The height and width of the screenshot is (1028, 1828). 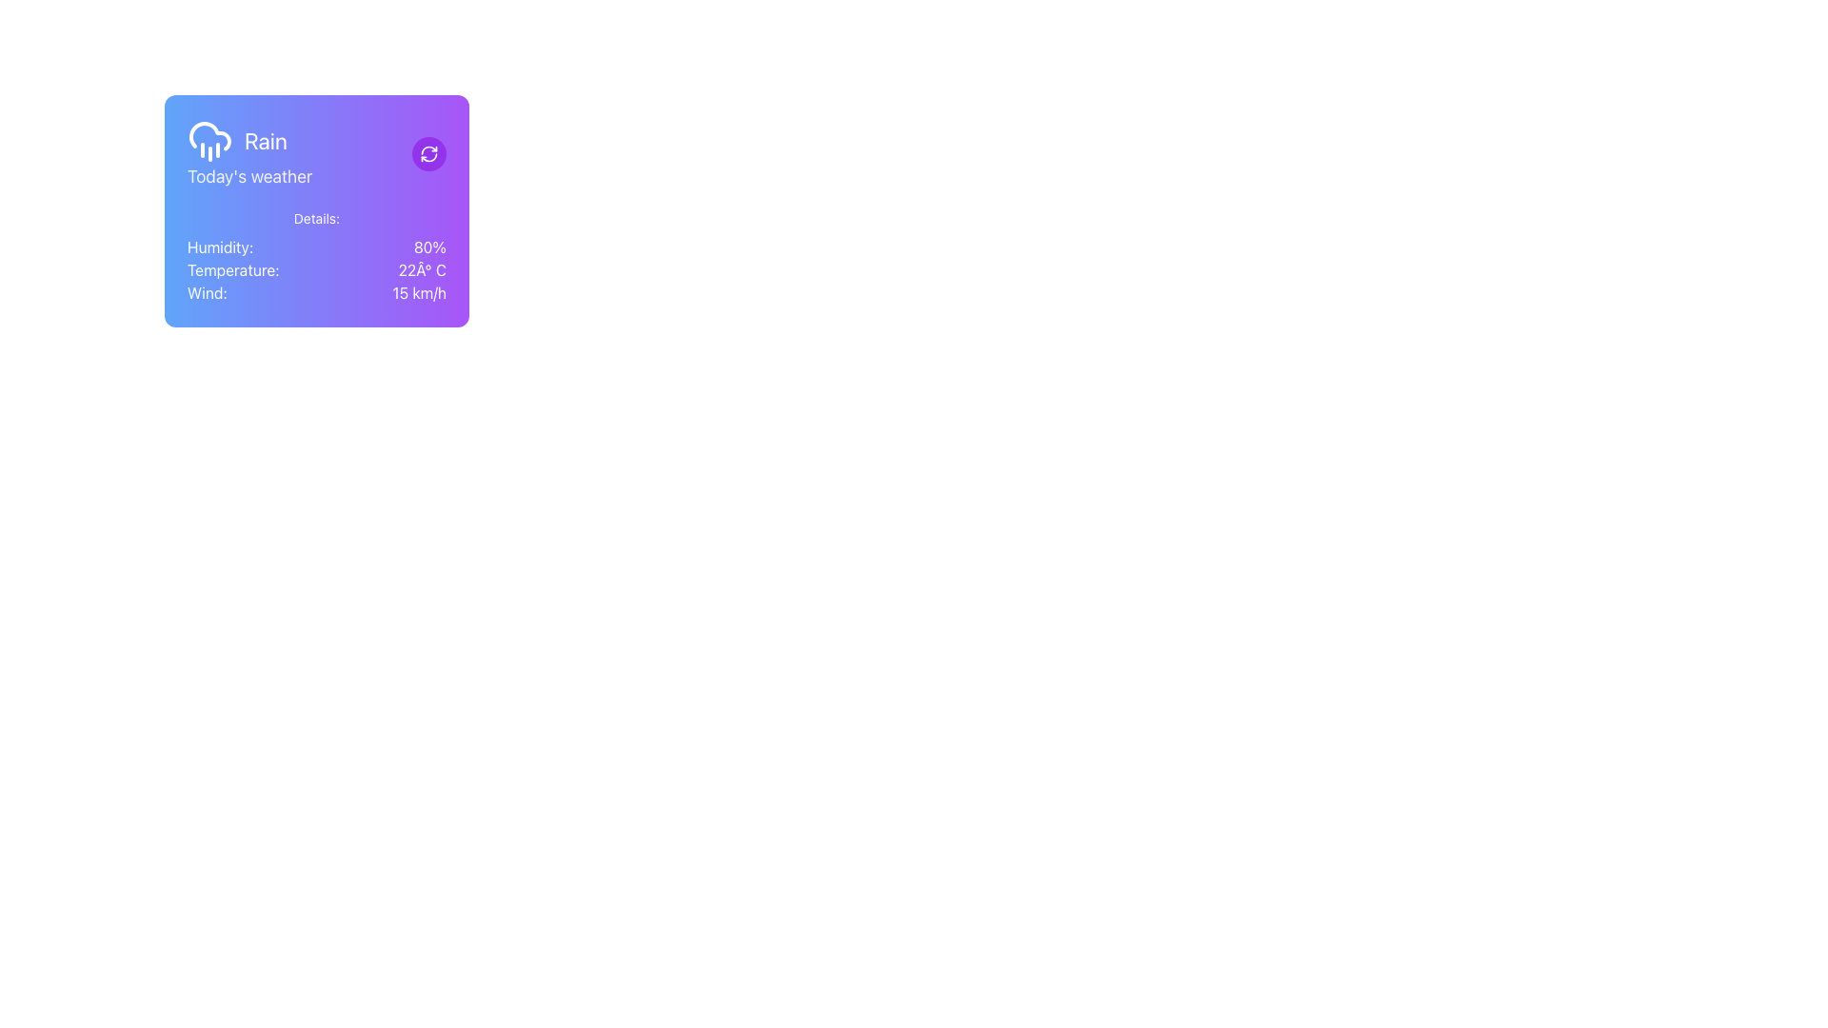 What do you see at coordinates (232, 270) in the screenshot?
I see `the Text Label displaying 'Temperature:' in white font, located below the 'Humidity:' text and to the left of '22Â° C' in the weather information card` at bounding box center [232, 270].